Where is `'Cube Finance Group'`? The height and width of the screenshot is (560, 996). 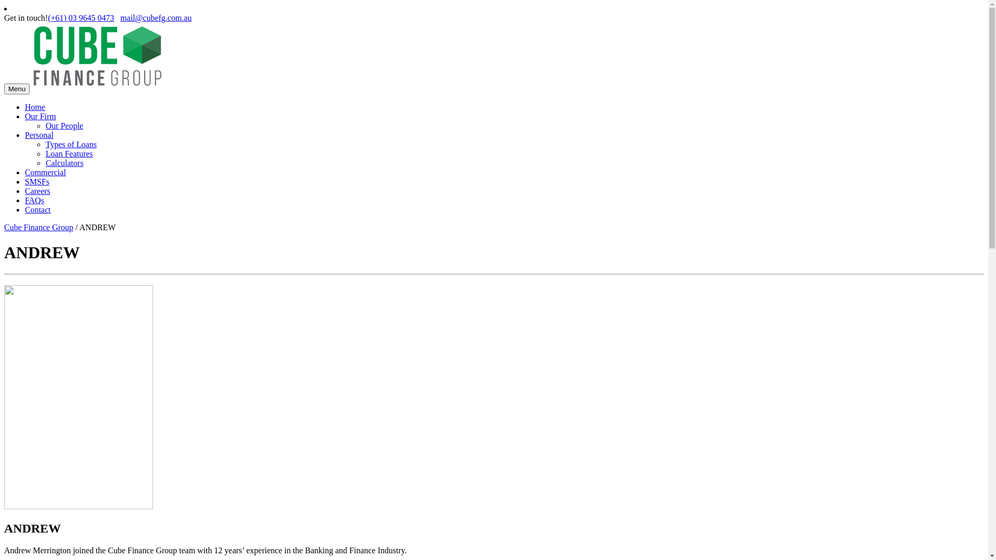 'Cube Finance Group' is located at coordinates (38, 227).